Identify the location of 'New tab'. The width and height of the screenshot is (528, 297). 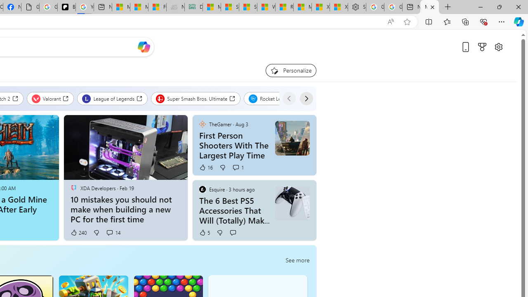
(411, 7).